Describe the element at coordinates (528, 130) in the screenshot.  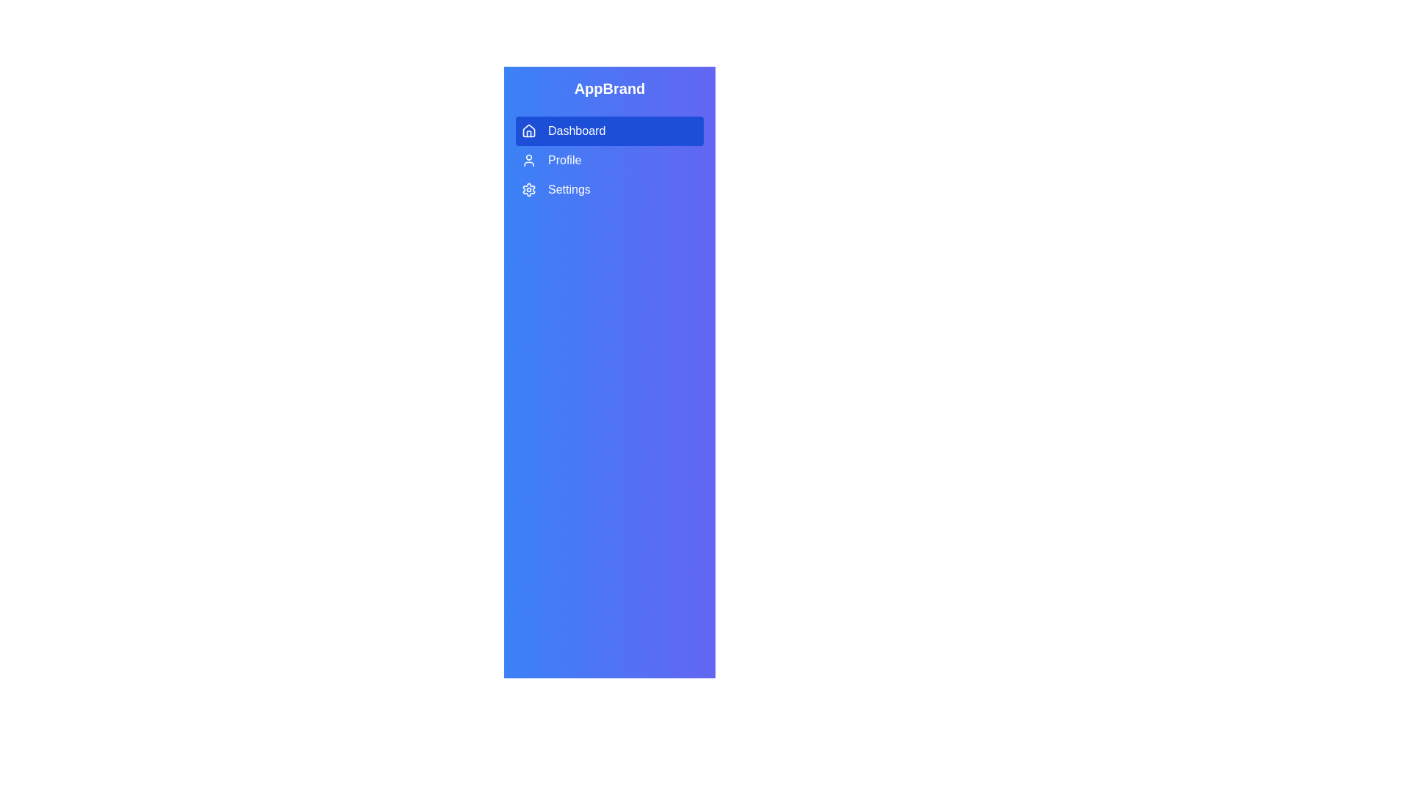
I see `the house icon with white strokes on a blue background located to the left of the 'Dashboard' text in the sidebar menu` at that location.